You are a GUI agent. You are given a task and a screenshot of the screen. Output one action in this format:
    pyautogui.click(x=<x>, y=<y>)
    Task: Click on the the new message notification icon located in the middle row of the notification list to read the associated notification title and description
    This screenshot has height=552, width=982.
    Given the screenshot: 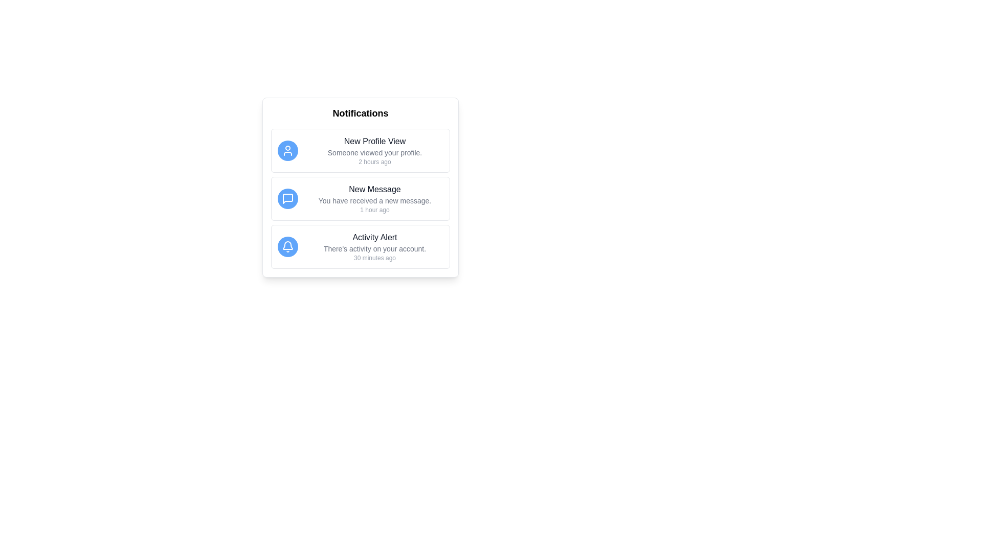 What is the action you would take?
    pyautogui.click(x=287, y=199)
    